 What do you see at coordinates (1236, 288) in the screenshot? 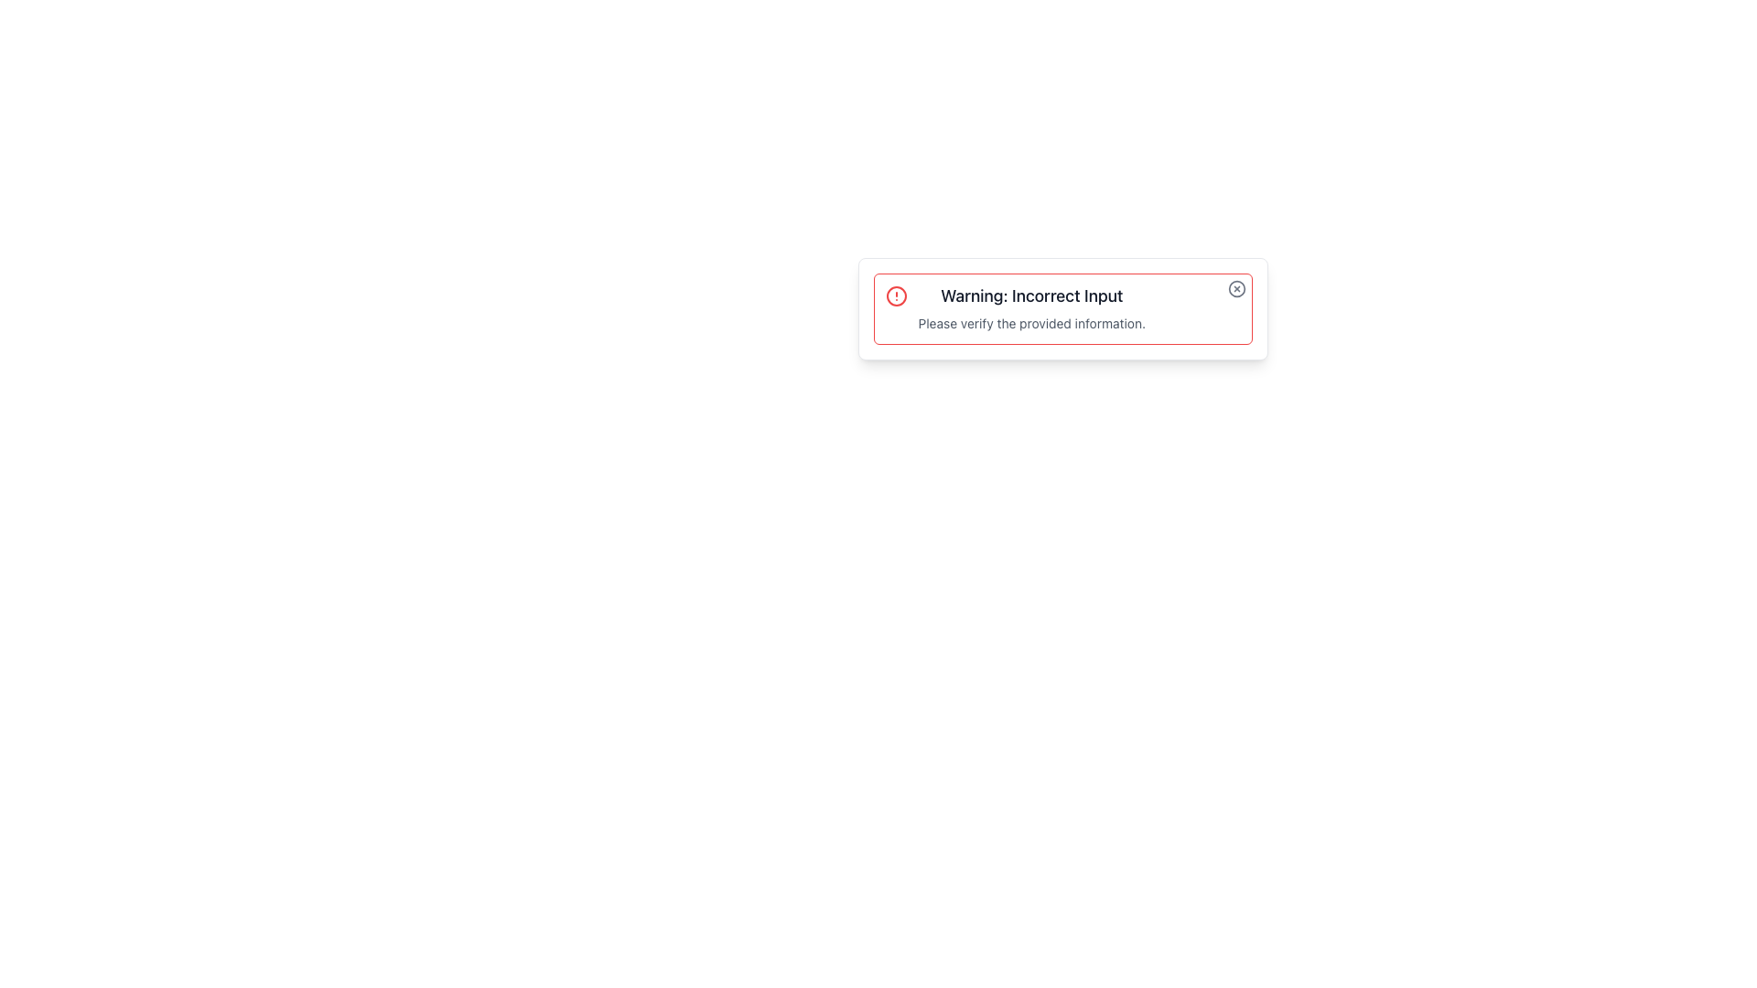
I see `the circular icon located in the top-right corner of the alert box that contains the text 'Warning: Incorrect Input'` at bounding box center [1236, 288].